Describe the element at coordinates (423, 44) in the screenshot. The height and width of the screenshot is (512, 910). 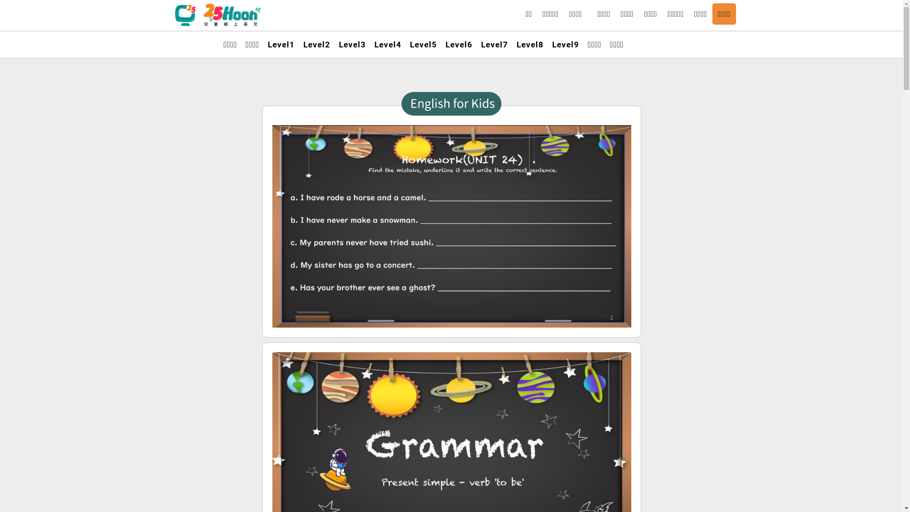
I see `'Level5'` at that location.